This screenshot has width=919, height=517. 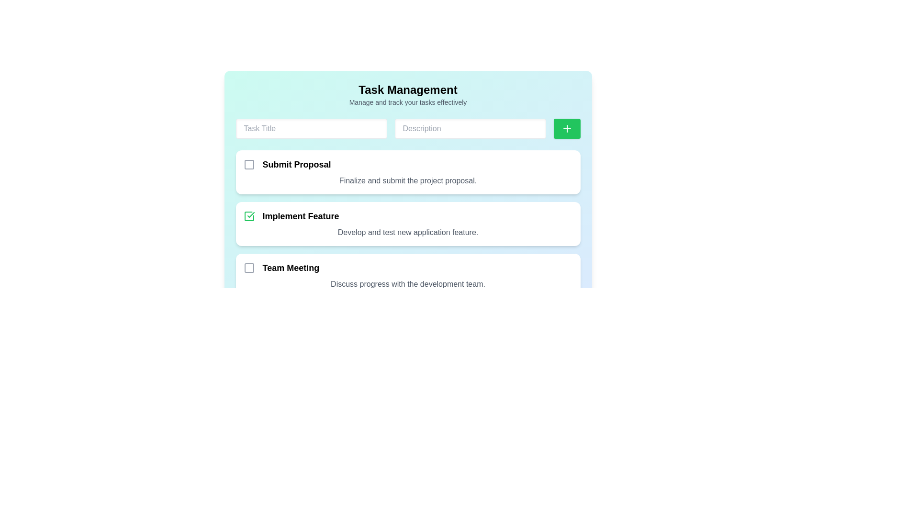 I want to click on task title 'Submit Proposal' and description 'Finalize and submit the project proposal' from the interactive task item with checkbox located at the top of the task list, so click(x=408, y=171).